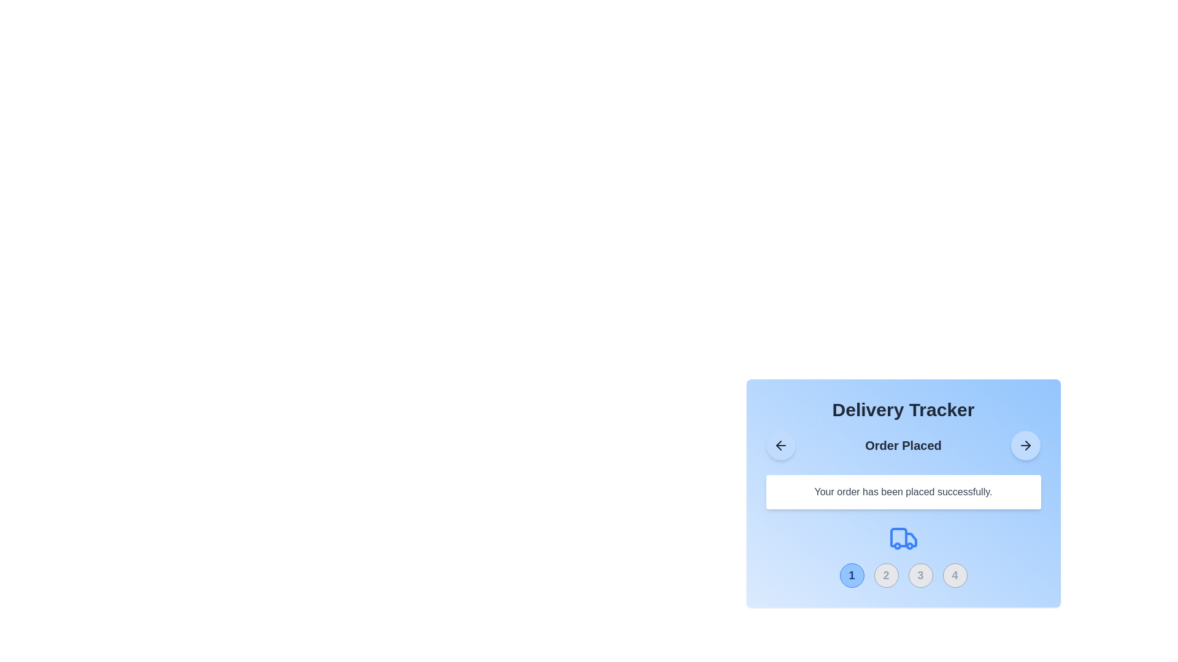 Image resolution: width=1178 pixels, height=662 pixels. Describe the element at coordinates (903, 445) in the screenshot. I see `the text label displaying 'Order Placed', which is located at the top-middle of the delivery tracking UI` at that location.